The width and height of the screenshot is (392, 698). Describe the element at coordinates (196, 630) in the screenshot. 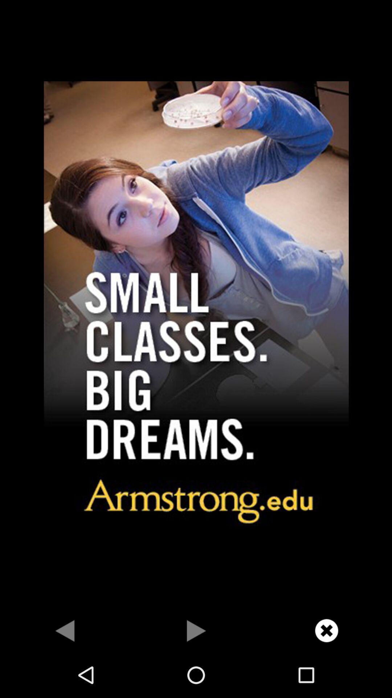

I see `next page` at that location.